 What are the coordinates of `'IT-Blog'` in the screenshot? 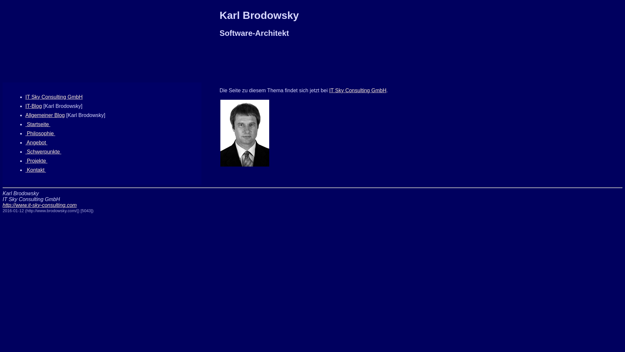 It's located at (33, 106).